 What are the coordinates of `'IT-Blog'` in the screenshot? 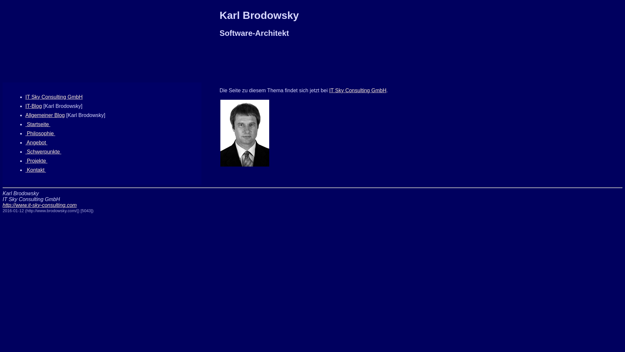 It's located at (33, 106).